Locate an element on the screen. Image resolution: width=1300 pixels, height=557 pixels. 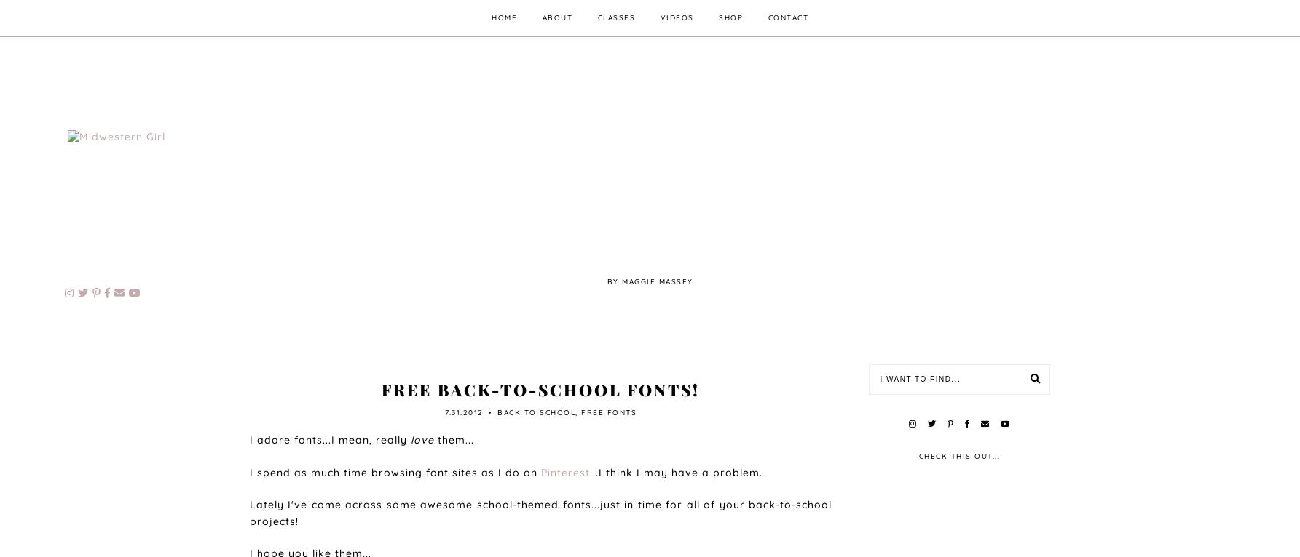
'classes' is located at coordinates (597, 17).